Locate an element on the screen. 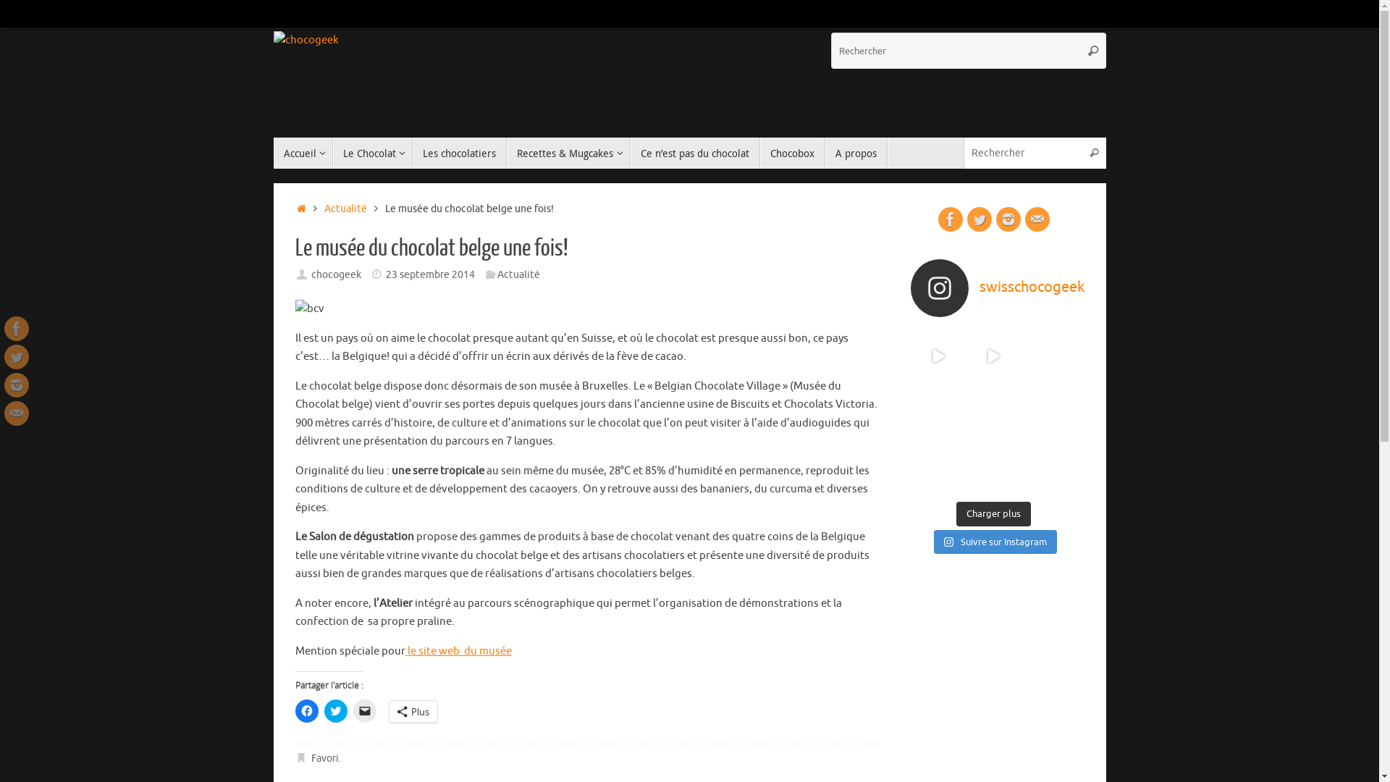 The image size is (1390, 782). 'Auteur/autrice ' is located at coordinates (301, 274).